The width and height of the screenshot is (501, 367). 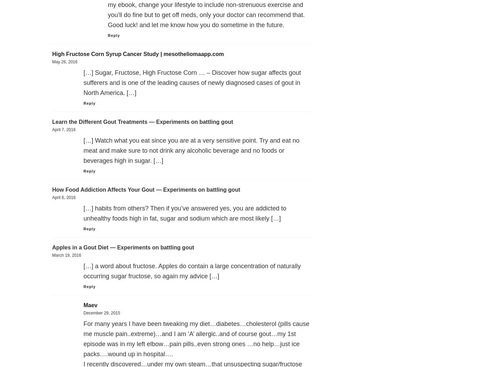 What do you see at coordinates (64, 130) in the screenshot?
I see `'April 7, 2016'` at bounding box center [64, 130].